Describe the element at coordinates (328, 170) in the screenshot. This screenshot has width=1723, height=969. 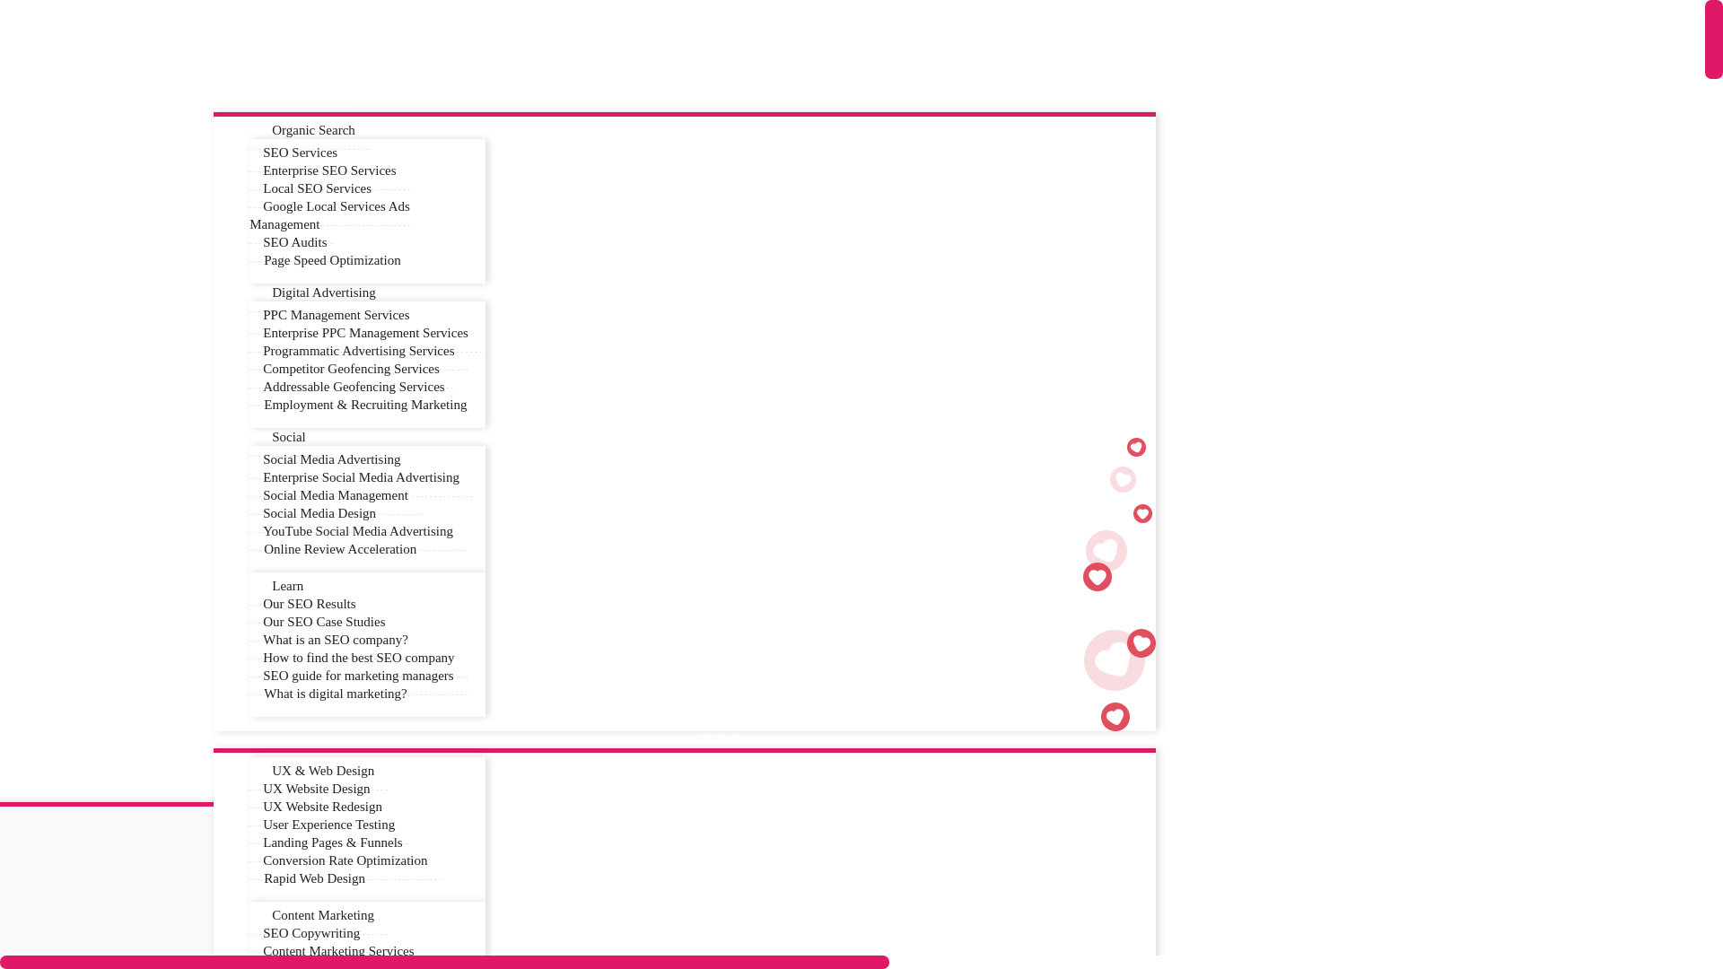
I see `'Enterprise SEO Services'` at that location.